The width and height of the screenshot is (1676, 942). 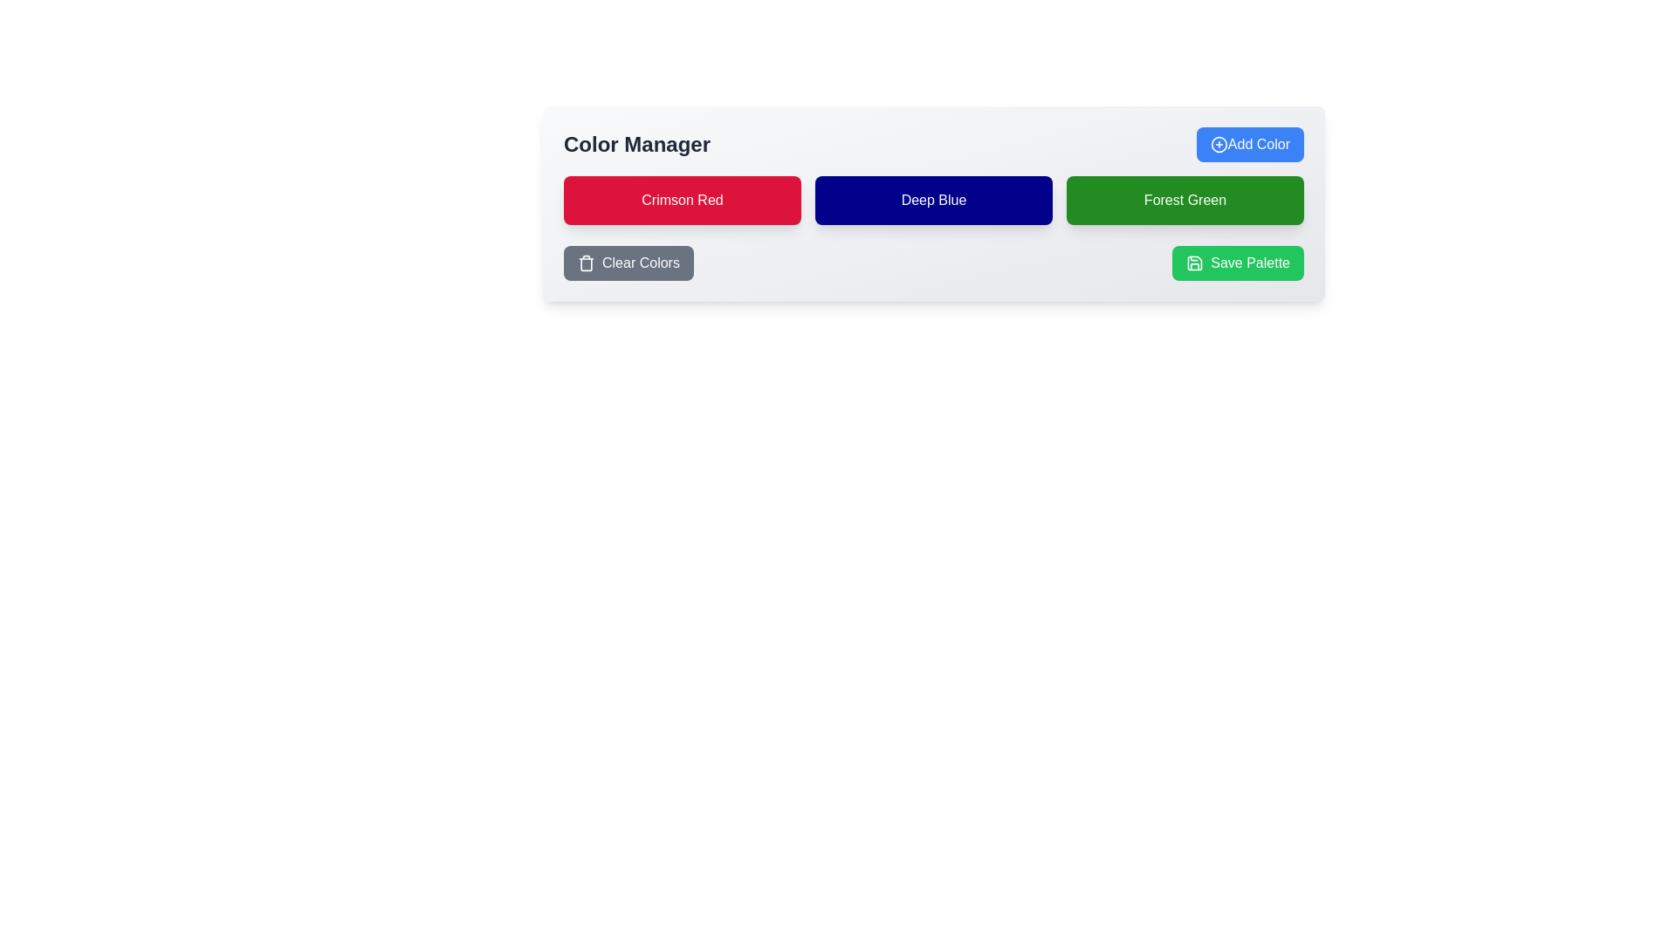 I want to click on the 'Forest Green' button, which is a rectangular button with white text on a deep green background, located to the right of the 'Deep Blue' button, so click(x=1185, y=200).